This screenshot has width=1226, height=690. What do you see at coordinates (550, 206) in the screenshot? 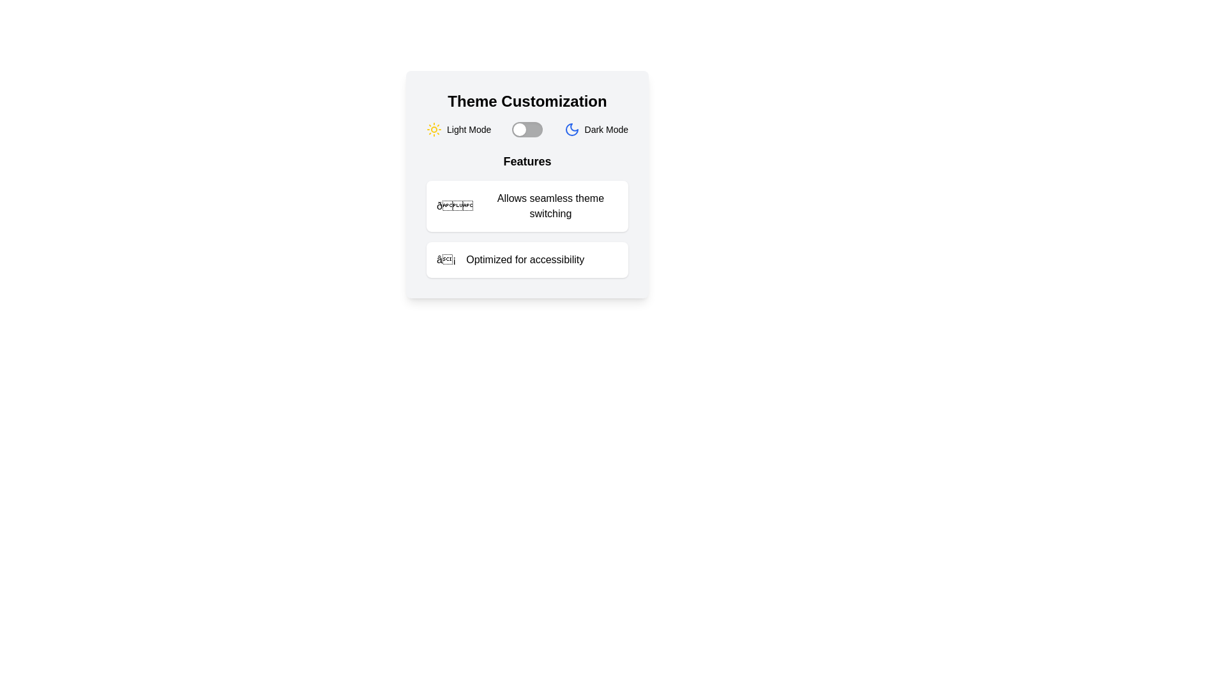
I see `descriptive text about the theme-switching feature located in the 'Features' section of the 'Theme Customization' interface, aligned to the right of a star emoji in the first card` at bounding box center [550, 206].